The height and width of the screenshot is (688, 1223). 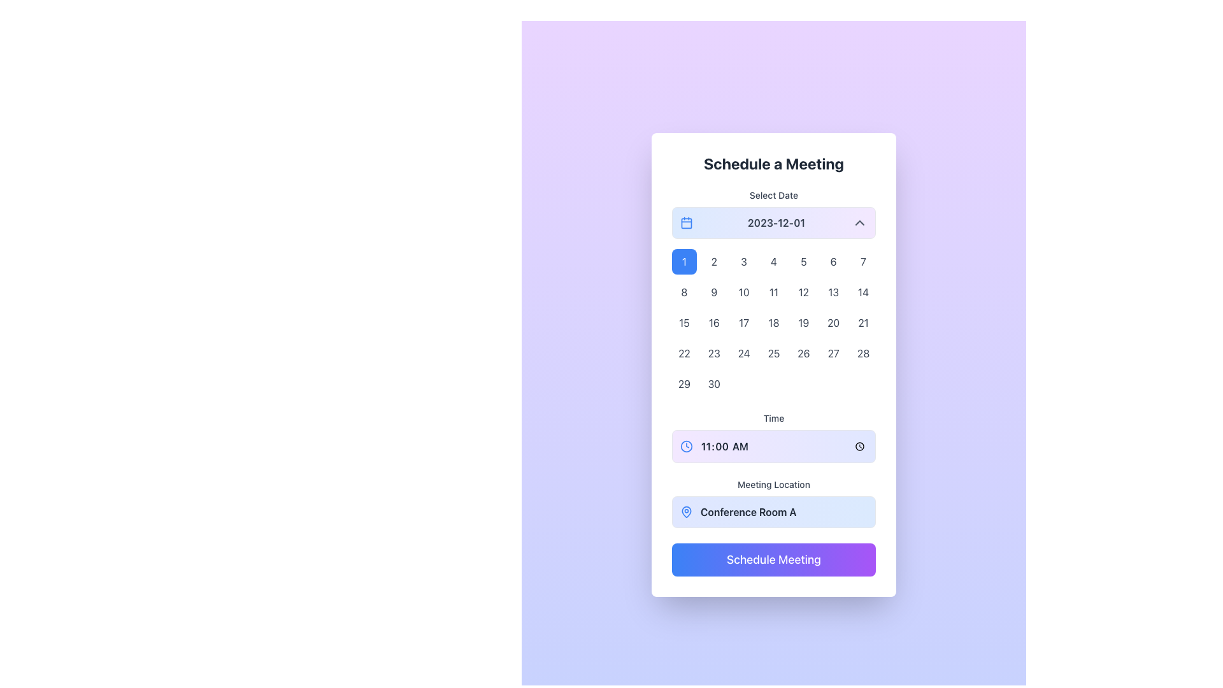 What do you see at coordinates (773, 261) in the screenshot?
I see `the button representing the fourth day of the month in the calendar interface` at bounding box center [773, 261].